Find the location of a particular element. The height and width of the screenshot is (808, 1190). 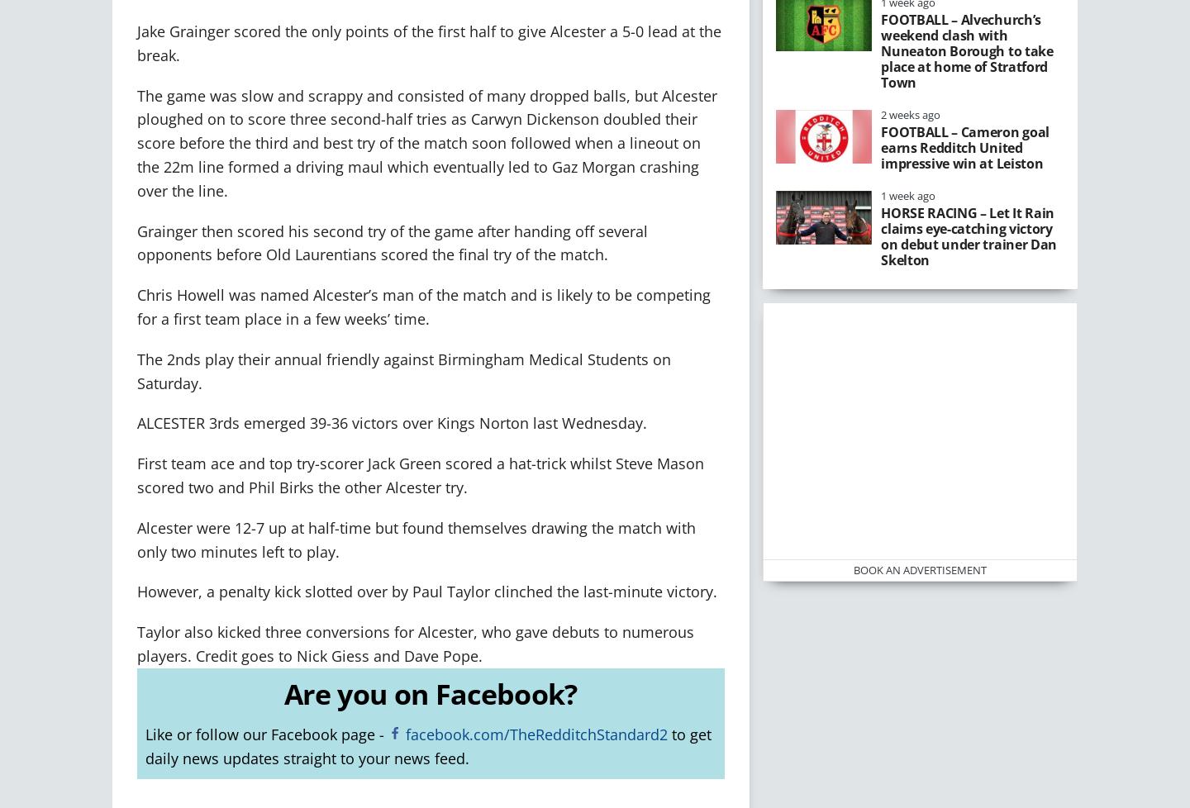

'to get daily news updates straight to your news feed.' is located at coordinates (144, 745).